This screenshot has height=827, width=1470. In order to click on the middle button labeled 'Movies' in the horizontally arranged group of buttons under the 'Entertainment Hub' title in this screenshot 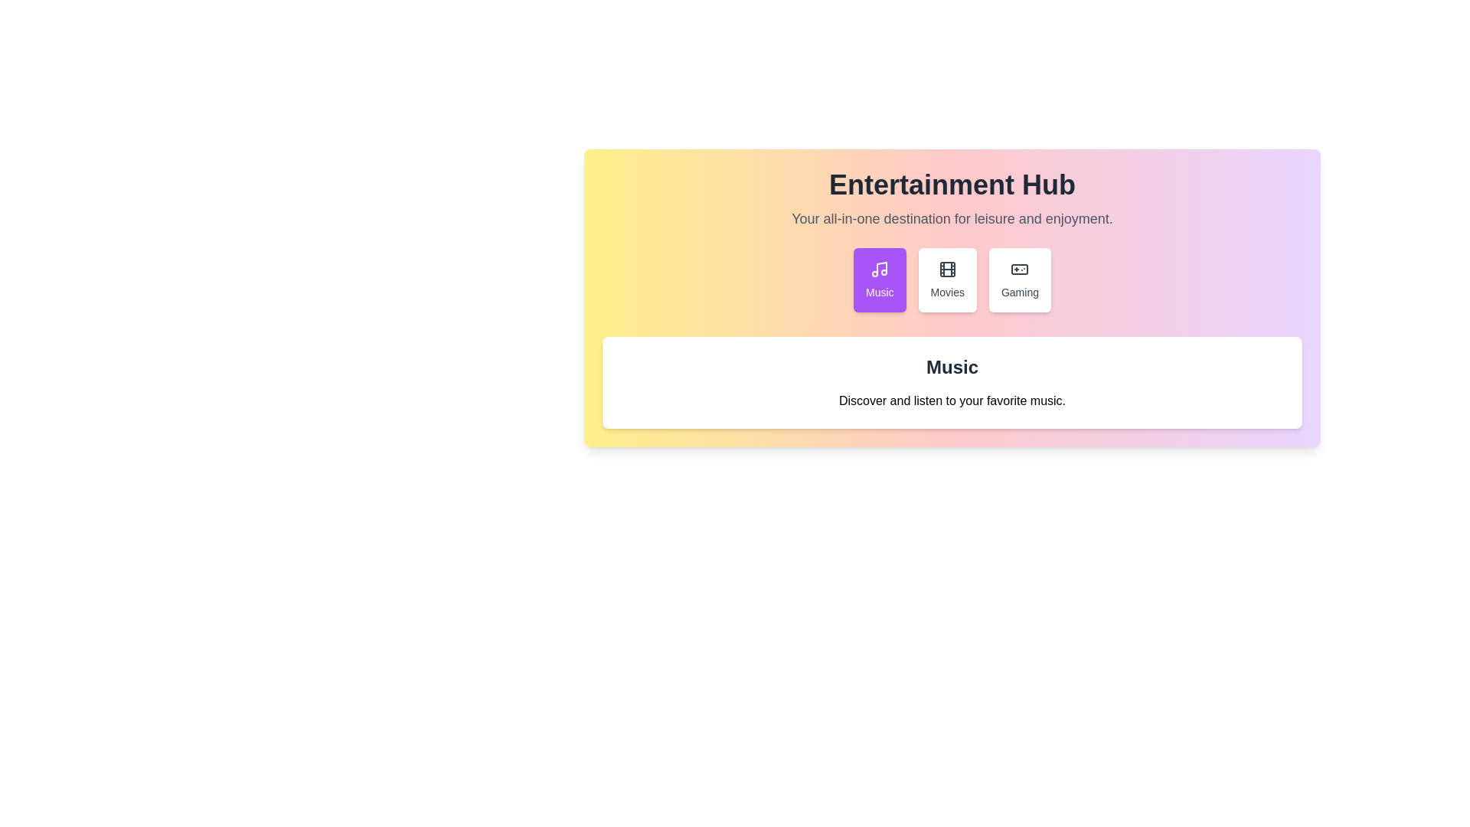, I will do `click(951, 280)`.